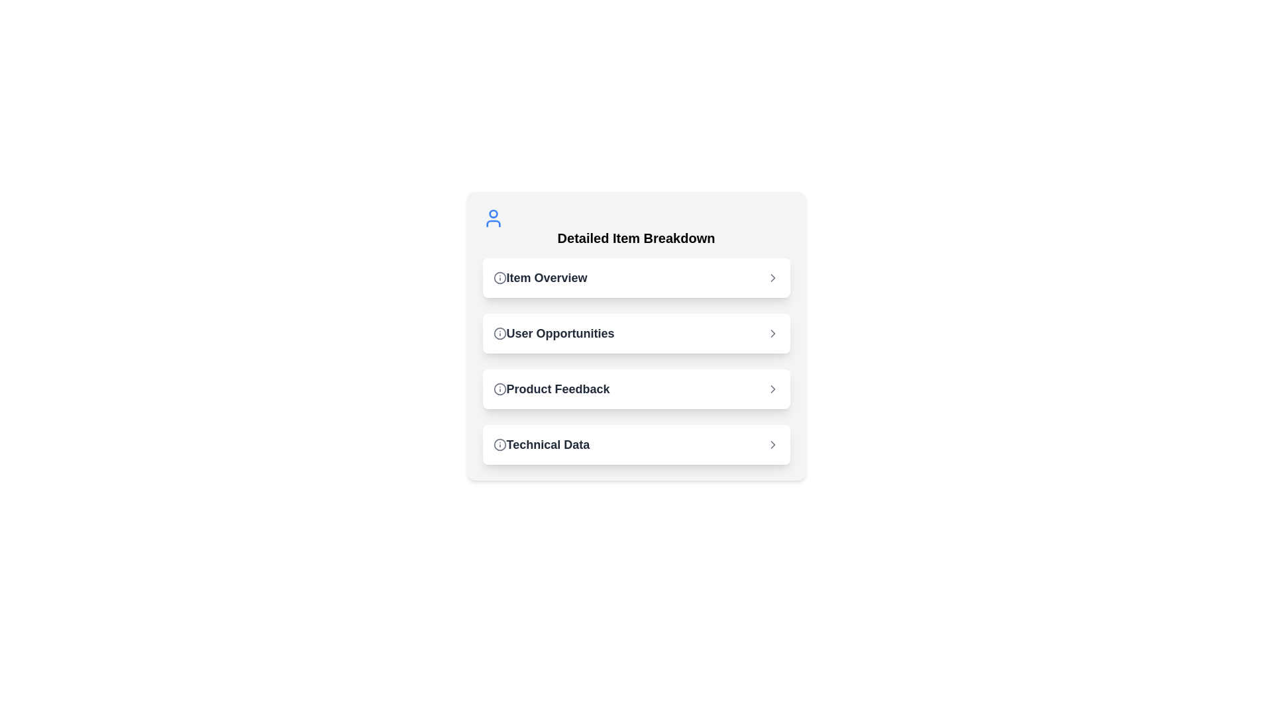 This screenshot has height=715, width=1272. Describe the element at coordinates (772, 277) in the screenshot. I see `the icon located at the far right of the 'Item Overview' section` at that location.